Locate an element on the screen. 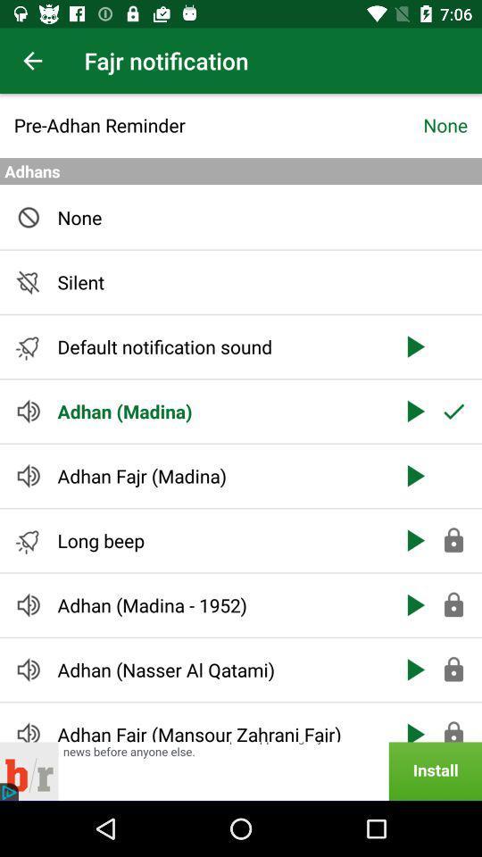 This screenshot has width=482, height=857. adhans is located at coordinates (241, 171).